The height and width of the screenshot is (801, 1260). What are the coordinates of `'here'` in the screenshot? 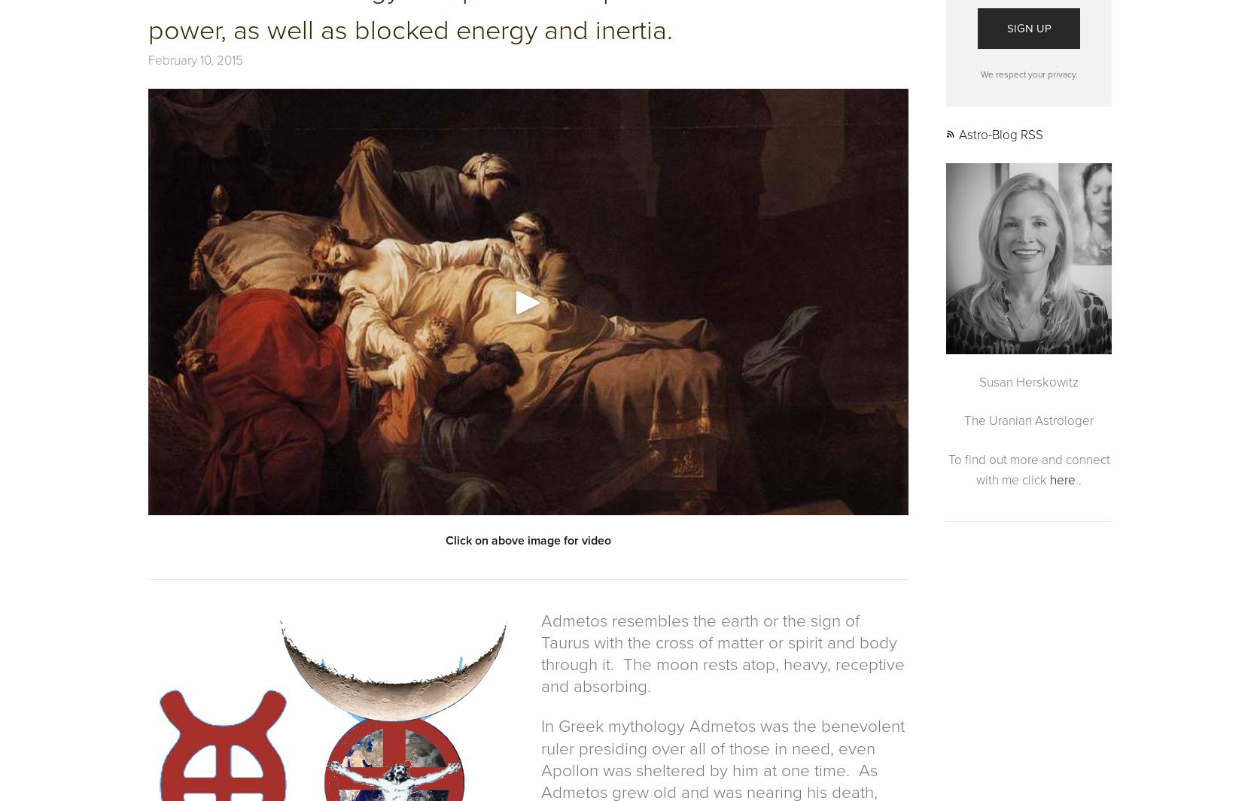 It's located at (1063, 479).